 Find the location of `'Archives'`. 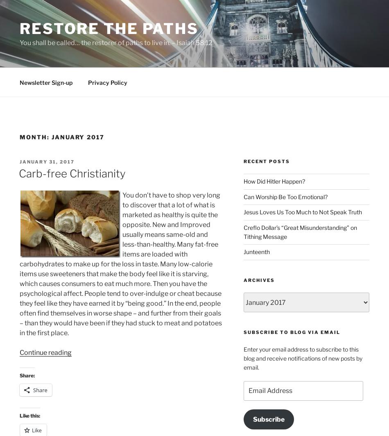

'Archives' is located at coordinates (243, 279).